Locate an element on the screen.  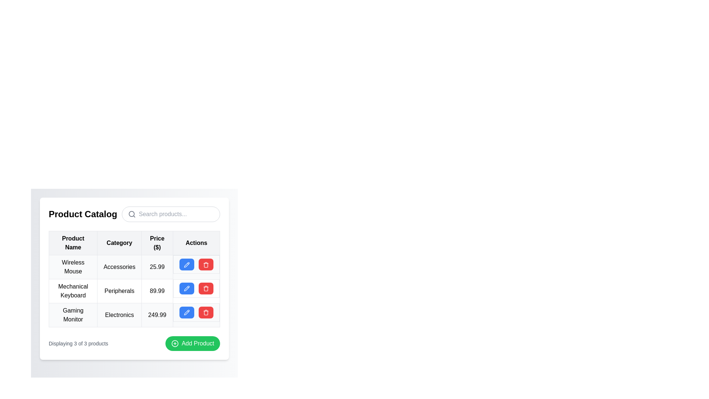
the pencil icon located in the 'Actions' column of the third row in the table is located at coordinates (186, 313).